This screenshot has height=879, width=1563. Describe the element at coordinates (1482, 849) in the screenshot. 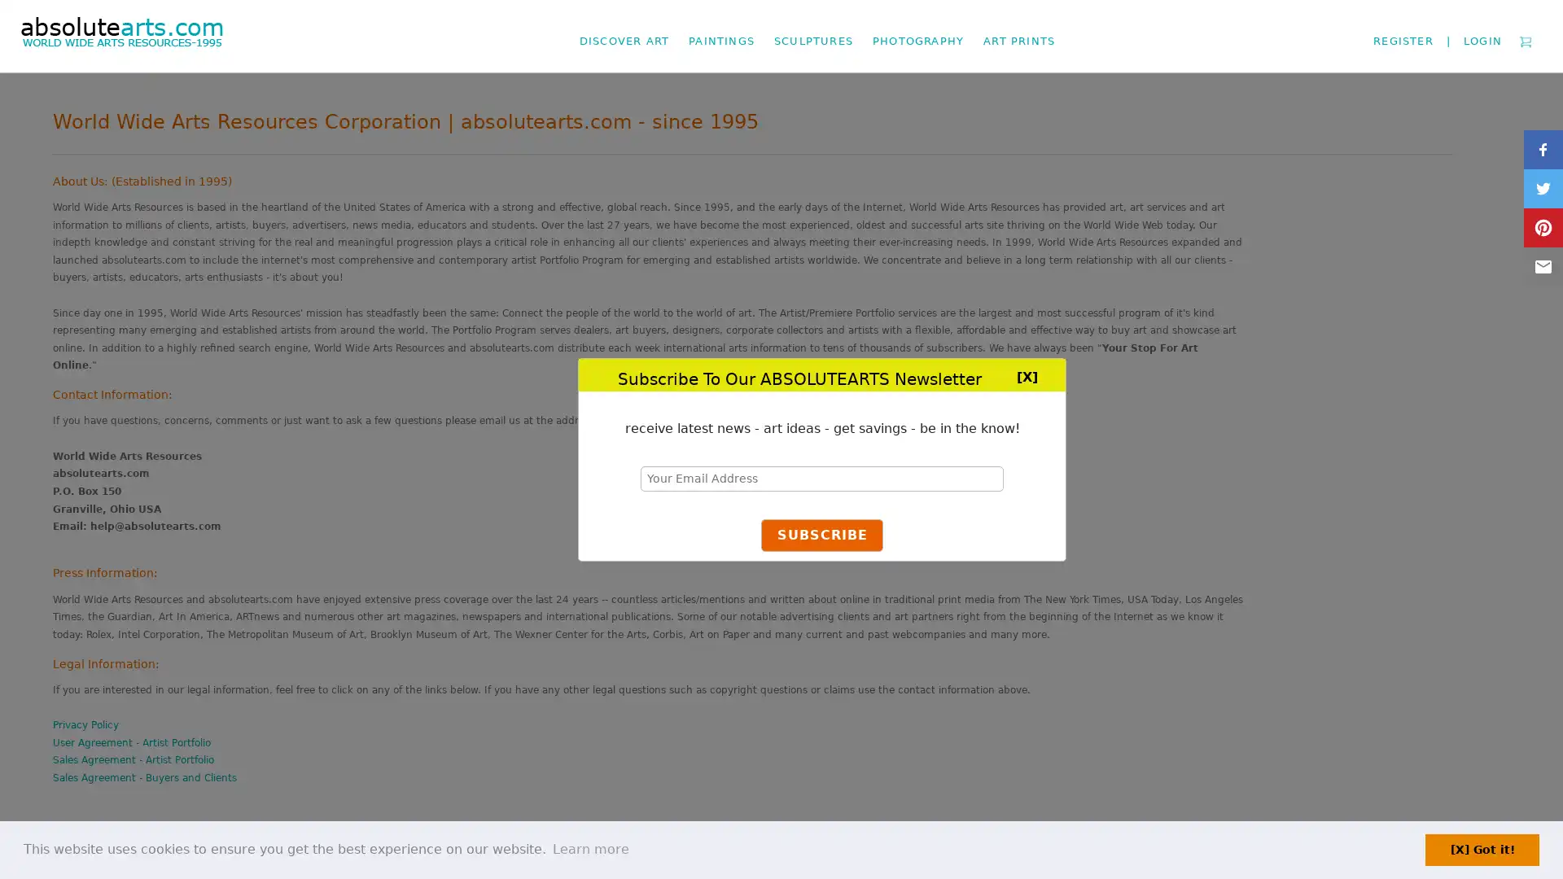

I see `dismiss cookie message` at that location.